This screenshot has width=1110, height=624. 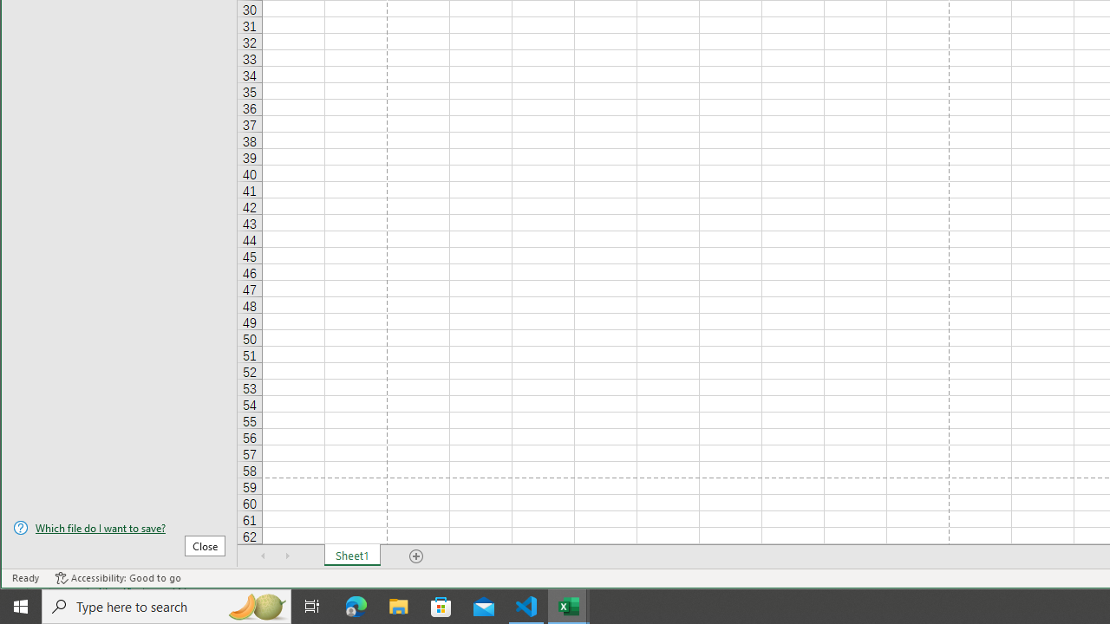 I want to click on 'Add Sheet', so click(x=417, y=556).